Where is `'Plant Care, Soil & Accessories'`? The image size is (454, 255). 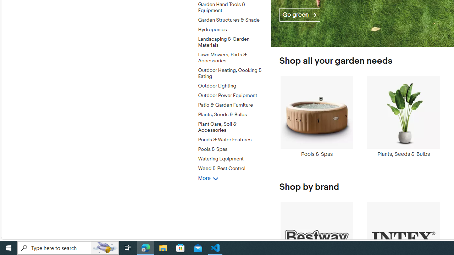
'Plant Care, Soil & Accessories' is located at coordinates (232, 126).